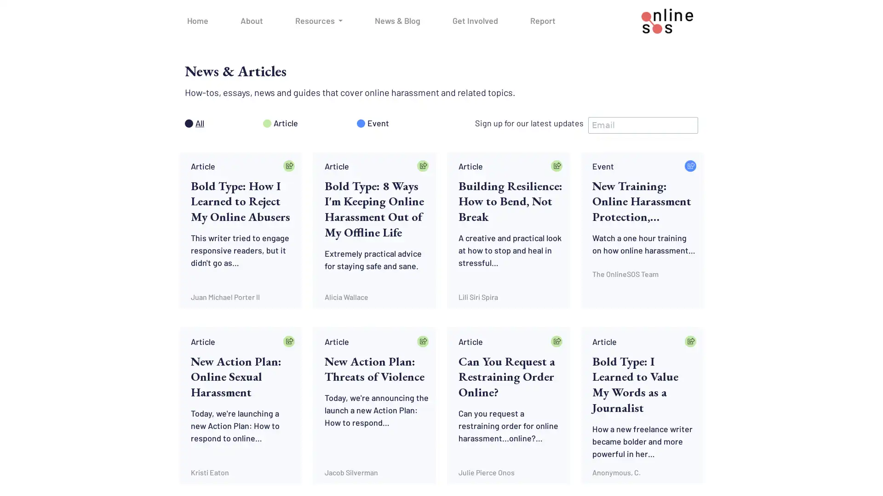 This screenshot has height=496, width=883. Describe the element at coordinates (318, 20) in the screenshot. I see `Resources` at that location.